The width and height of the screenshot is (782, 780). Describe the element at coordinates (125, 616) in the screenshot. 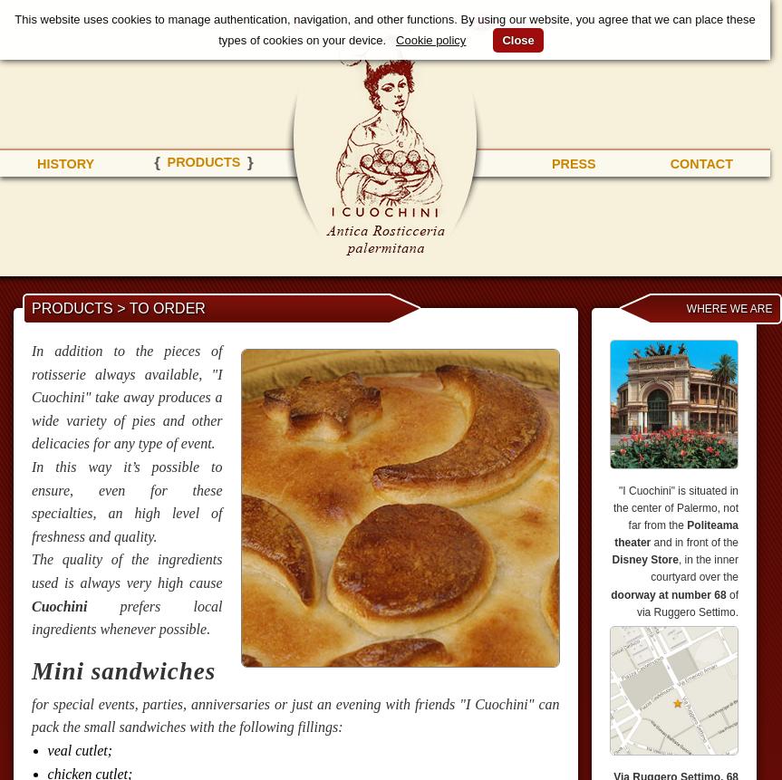

I see `'prefers local ingredients whenever possible.'` at that location.